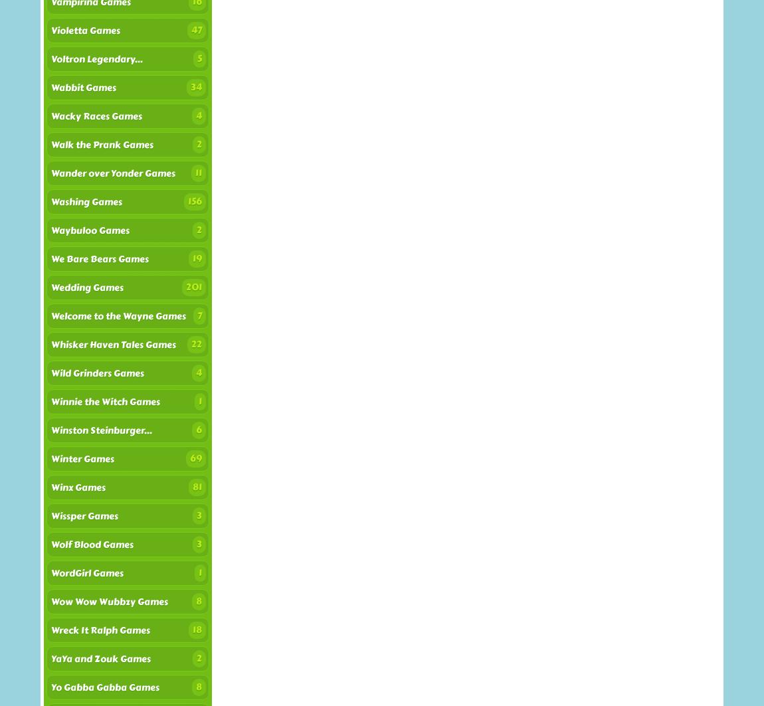 The image size is (764, 706). I want to click on 'Winter Games', so click(82, 458).